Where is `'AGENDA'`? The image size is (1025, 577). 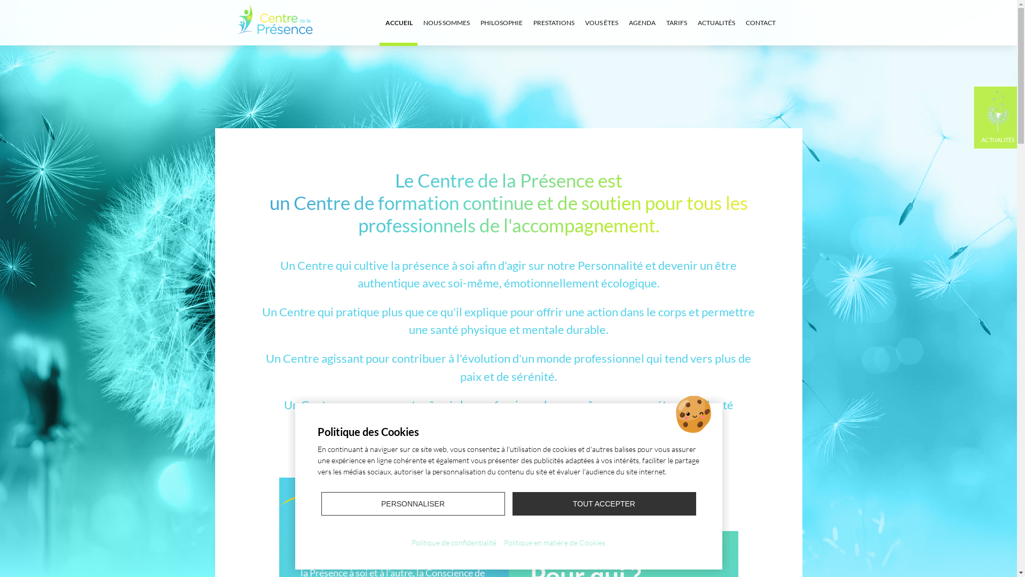 'AGENDA' is located at coordinates (642, 22).